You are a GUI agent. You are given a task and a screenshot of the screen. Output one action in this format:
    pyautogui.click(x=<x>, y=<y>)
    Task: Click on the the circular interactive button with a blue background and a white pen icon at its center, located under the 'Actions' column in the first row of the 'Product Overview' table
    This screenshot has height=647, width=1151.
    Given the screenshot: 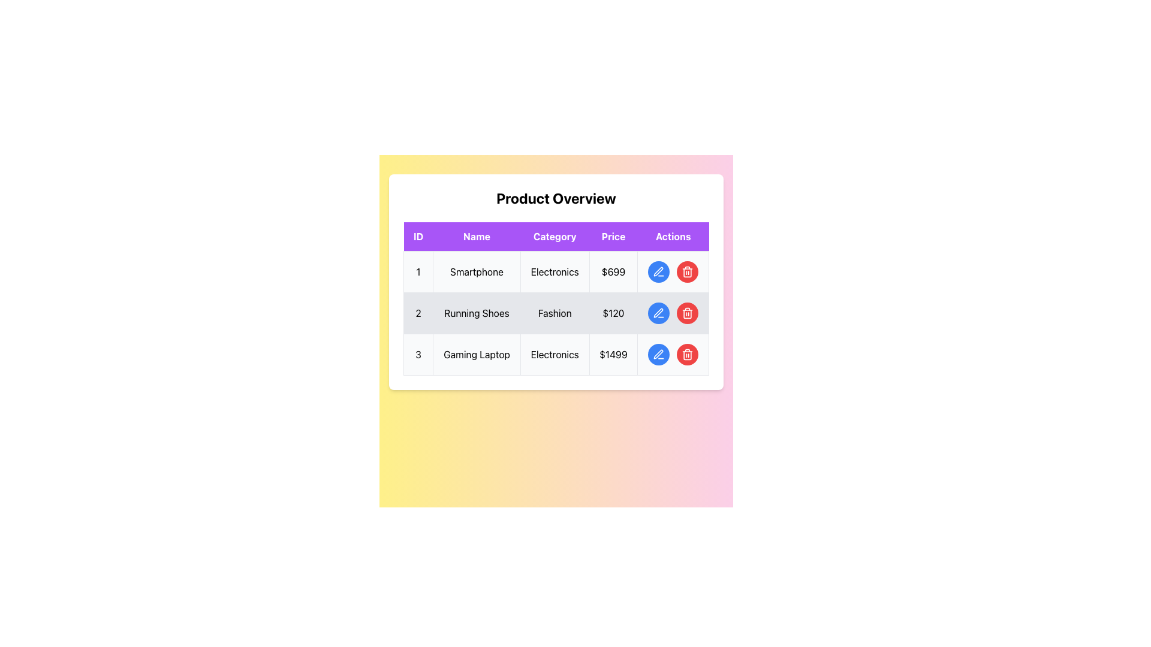 What is the action you would take?
    pyautogui.click(x=658, y=272)
    